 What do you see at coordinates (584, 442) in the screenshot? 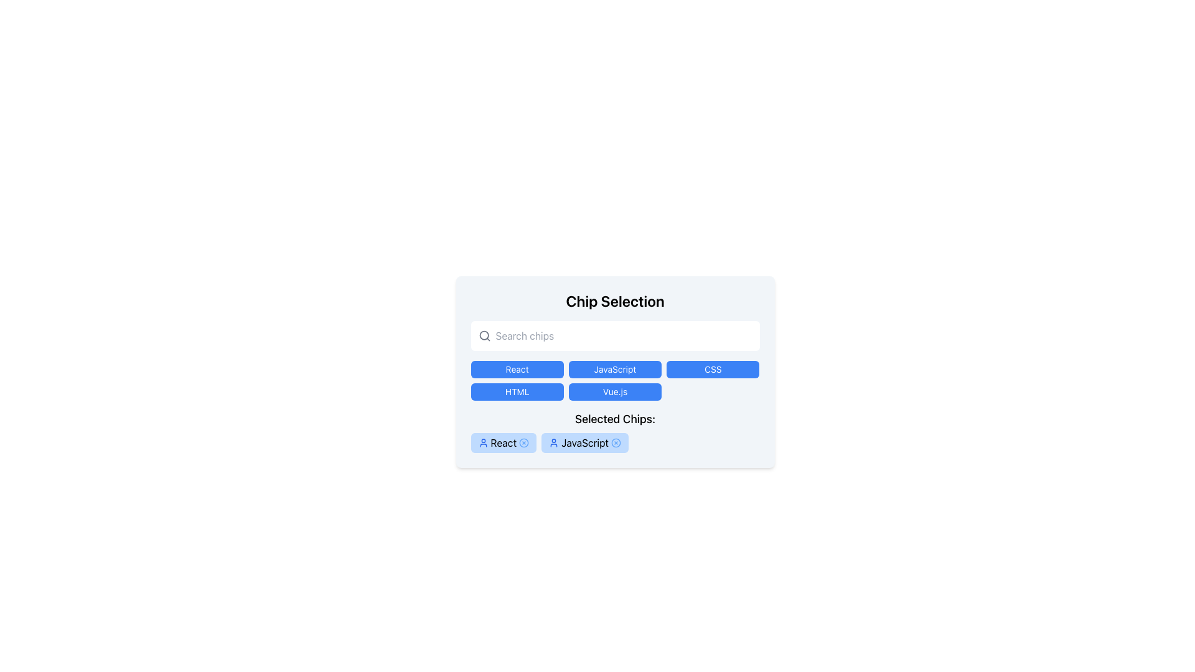
I see `the second chip in the 'Selected Chips' row, which has a light blue background, an icon of a user on the left, and the text 'JavaScript' in bold` at bounding box center [584, 442].